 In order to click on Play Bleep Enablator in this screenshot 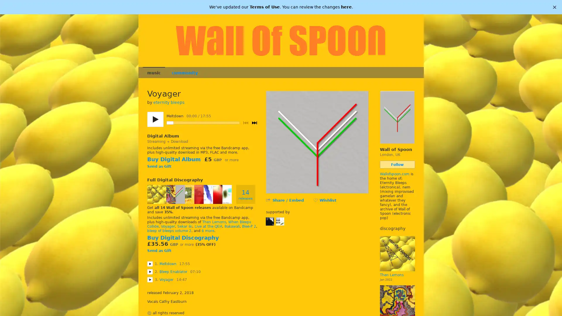, I will do `click(150, 272)`.